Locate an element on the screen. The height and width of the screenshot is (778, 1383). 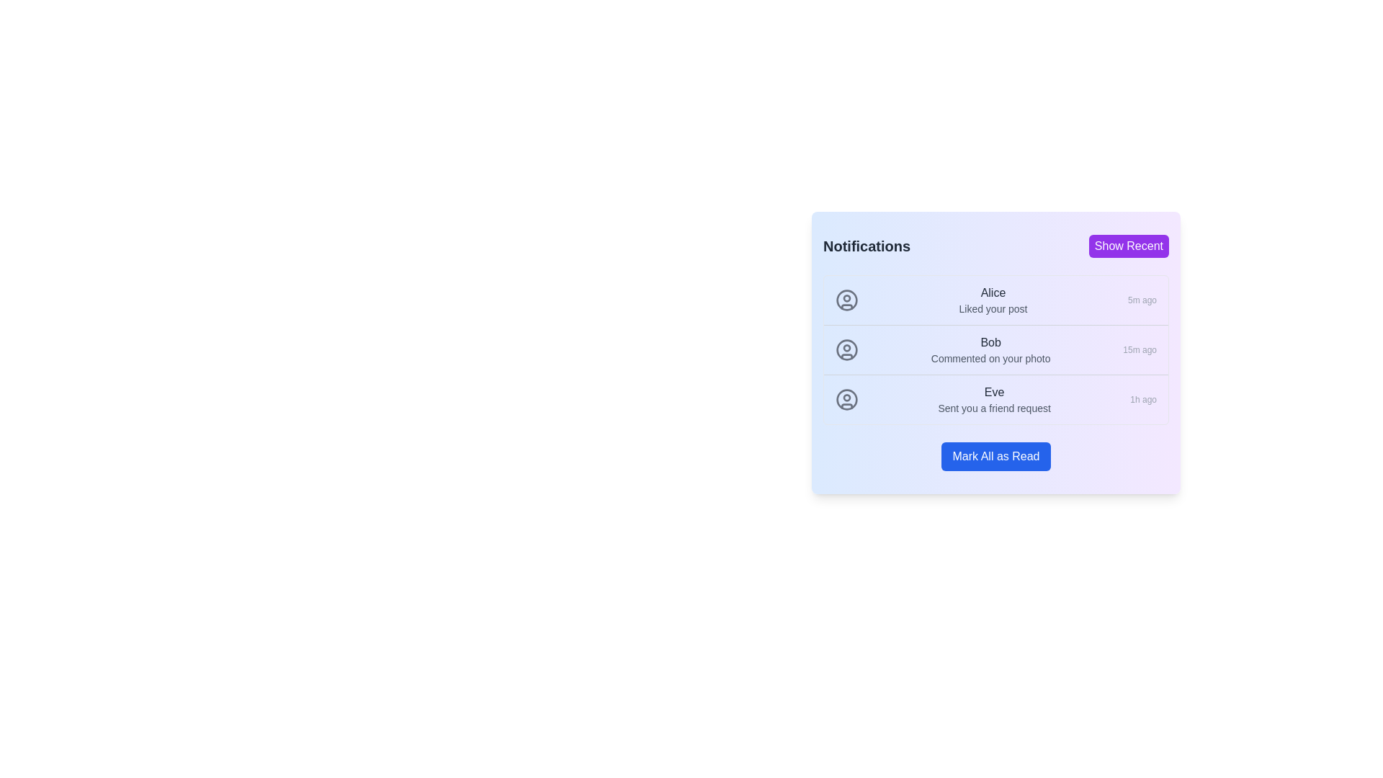
the avatar of Alice to open their profile or related actions is located at coordinates (847, 299).